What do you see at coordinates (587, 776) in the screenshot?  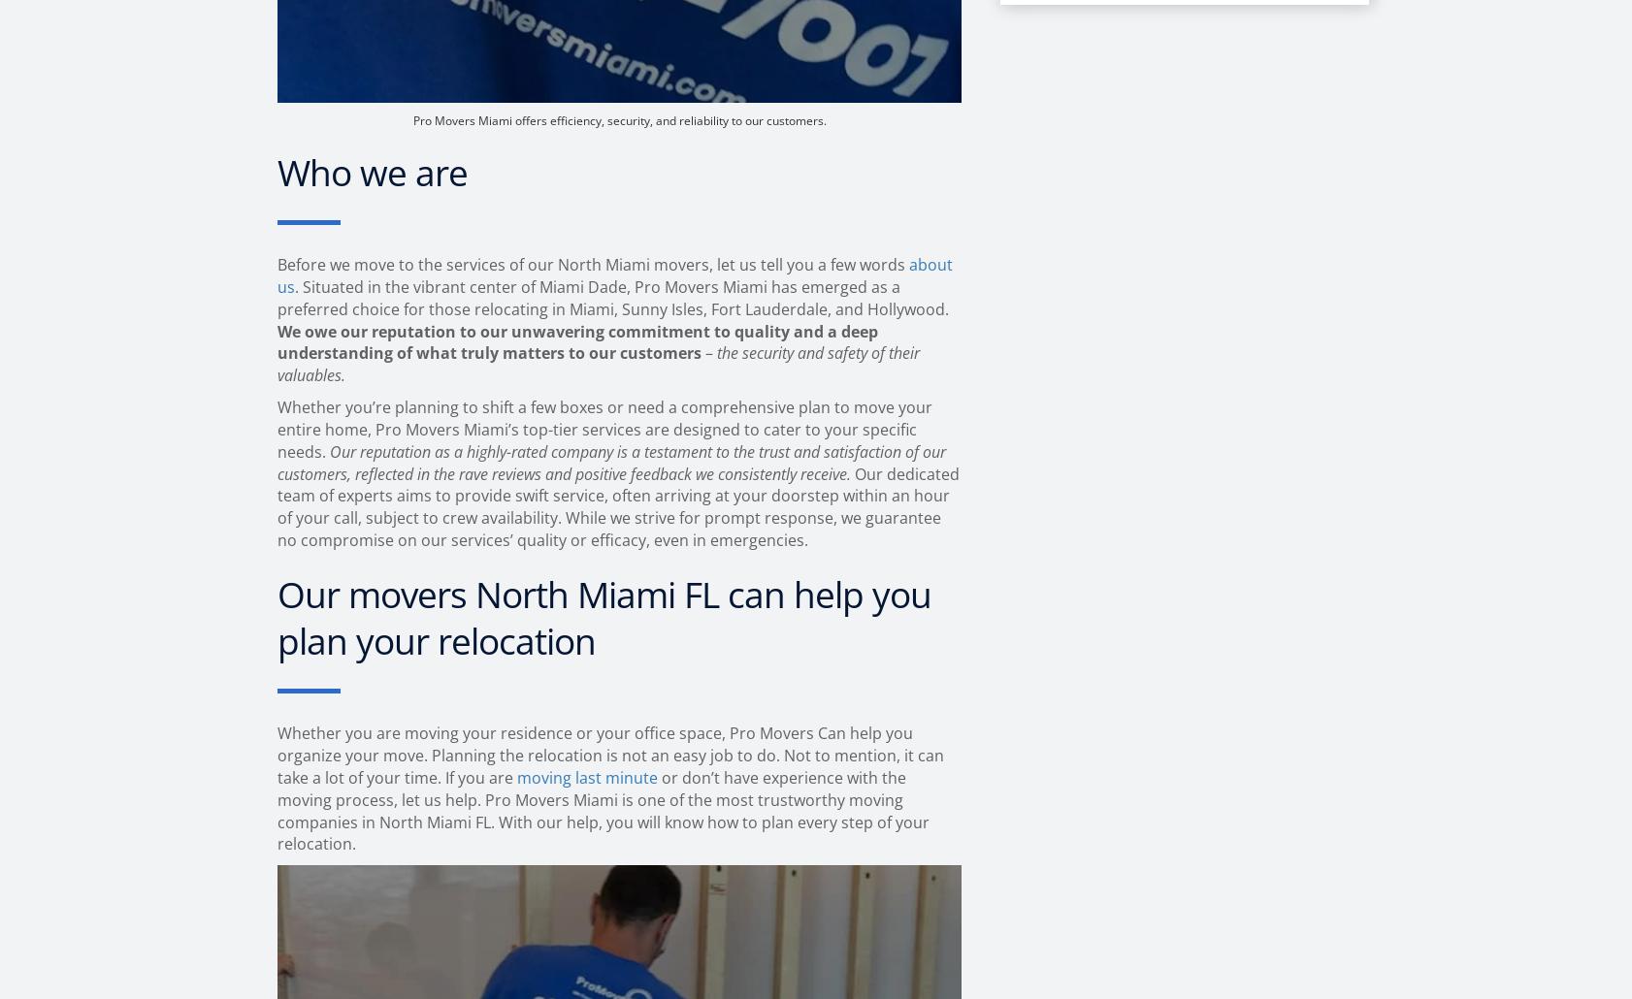 I see `'moving last minute'` at bounding box center [587, 776].